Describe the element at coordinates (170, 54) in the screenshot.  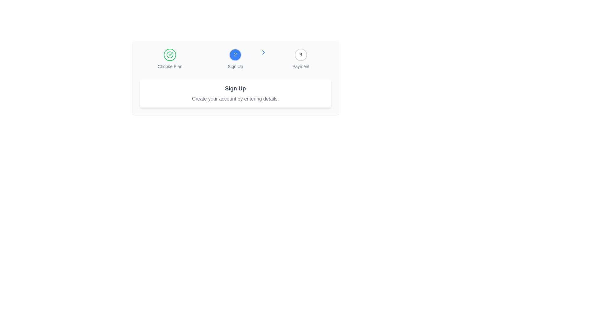
I see `the checkmark icon within the circular green border located in the top progress navigation bar, above the 'Choose Plan' text` at that location.